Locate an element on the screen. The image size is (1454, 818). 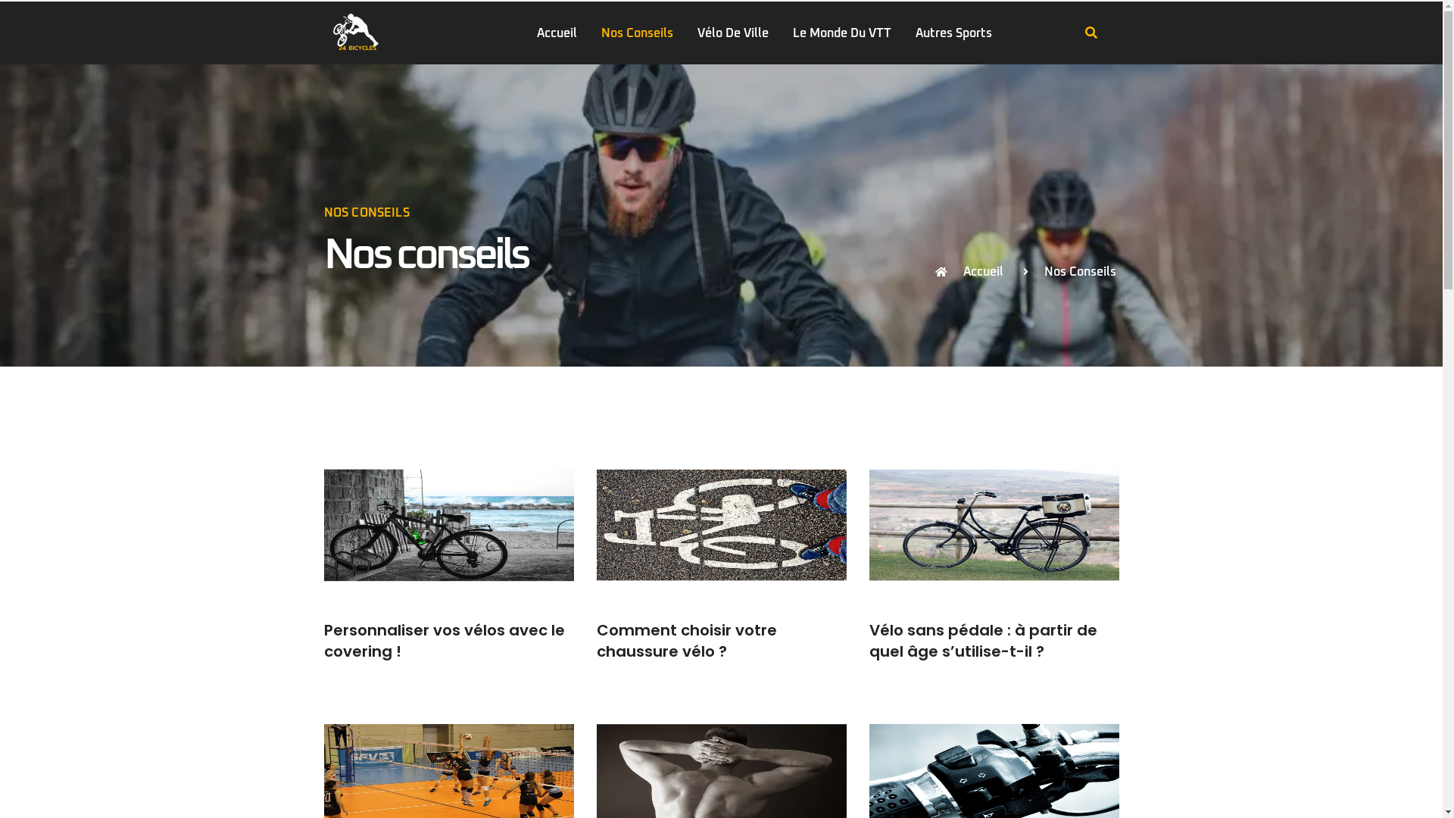
'Accueil' is located at coordinates (967, 270).